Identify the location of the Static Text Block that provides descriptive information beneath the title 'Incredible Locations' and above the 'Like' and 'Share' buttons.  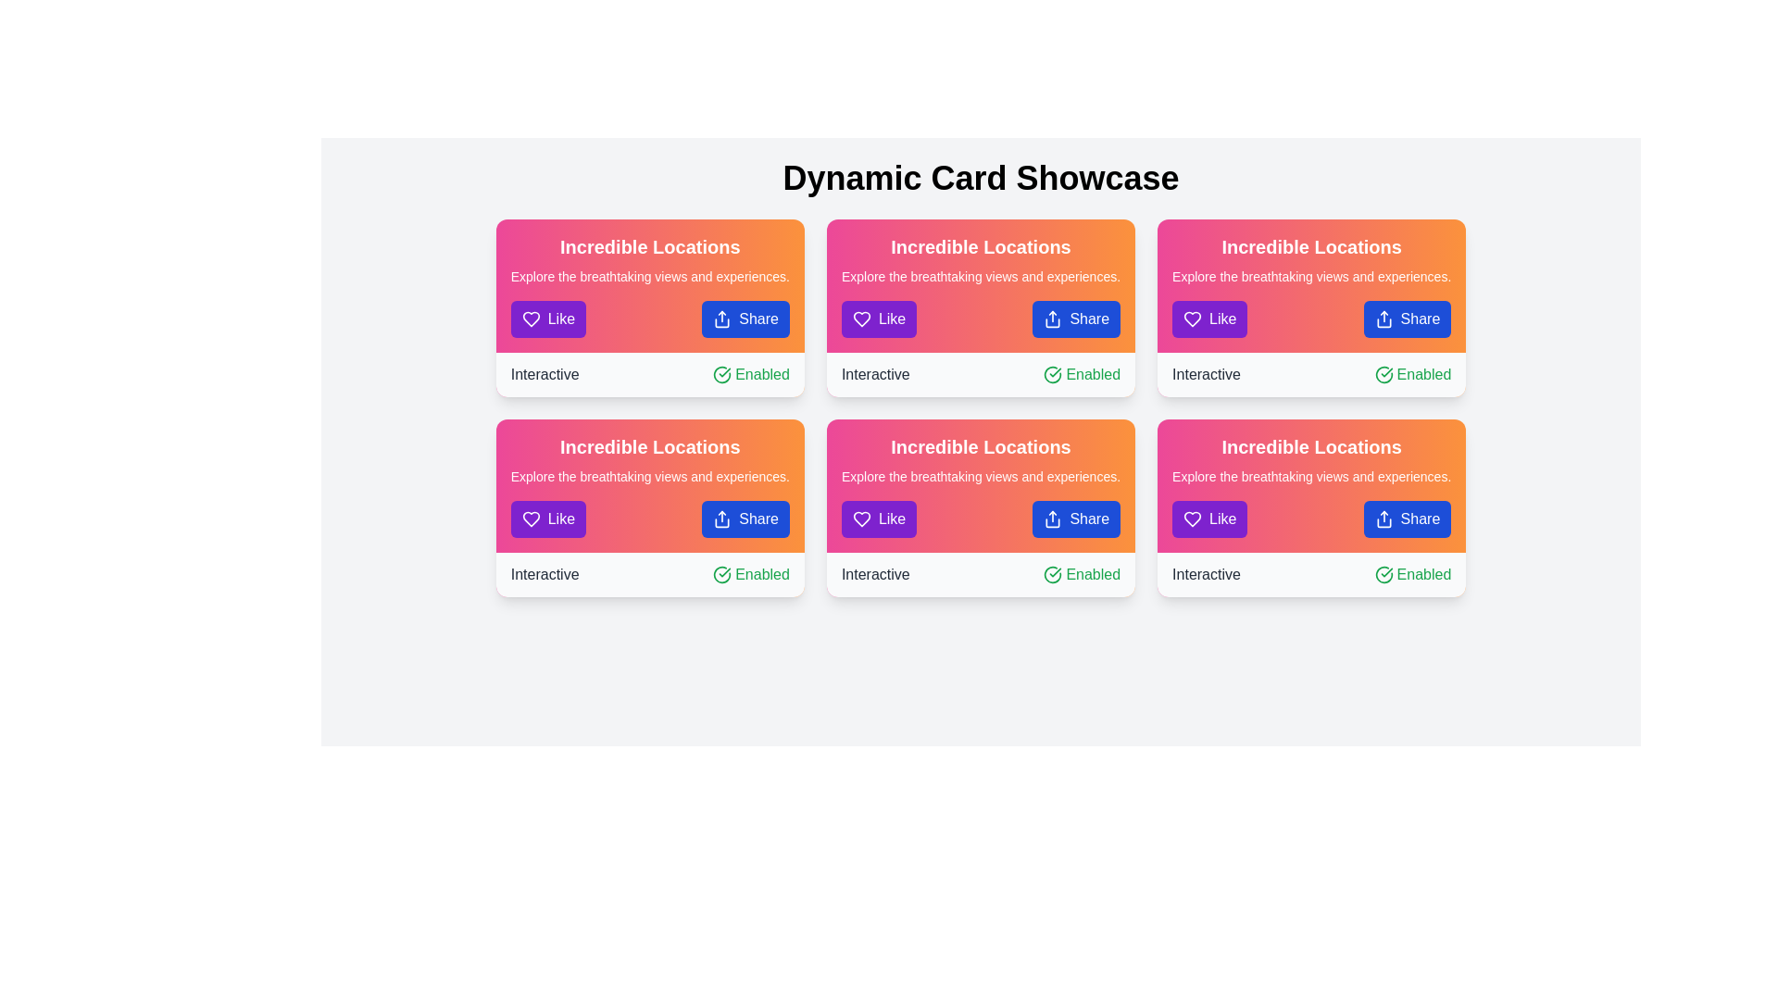
(1310, 277).